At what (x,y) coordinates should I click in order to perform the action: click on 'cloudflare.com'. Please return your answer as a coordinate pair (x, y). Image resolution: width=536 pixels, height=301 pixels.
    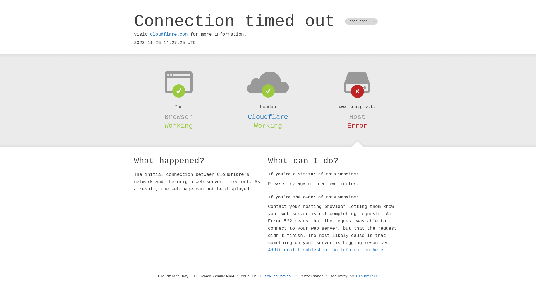
    Looking at the image, I should click on (168, 34).